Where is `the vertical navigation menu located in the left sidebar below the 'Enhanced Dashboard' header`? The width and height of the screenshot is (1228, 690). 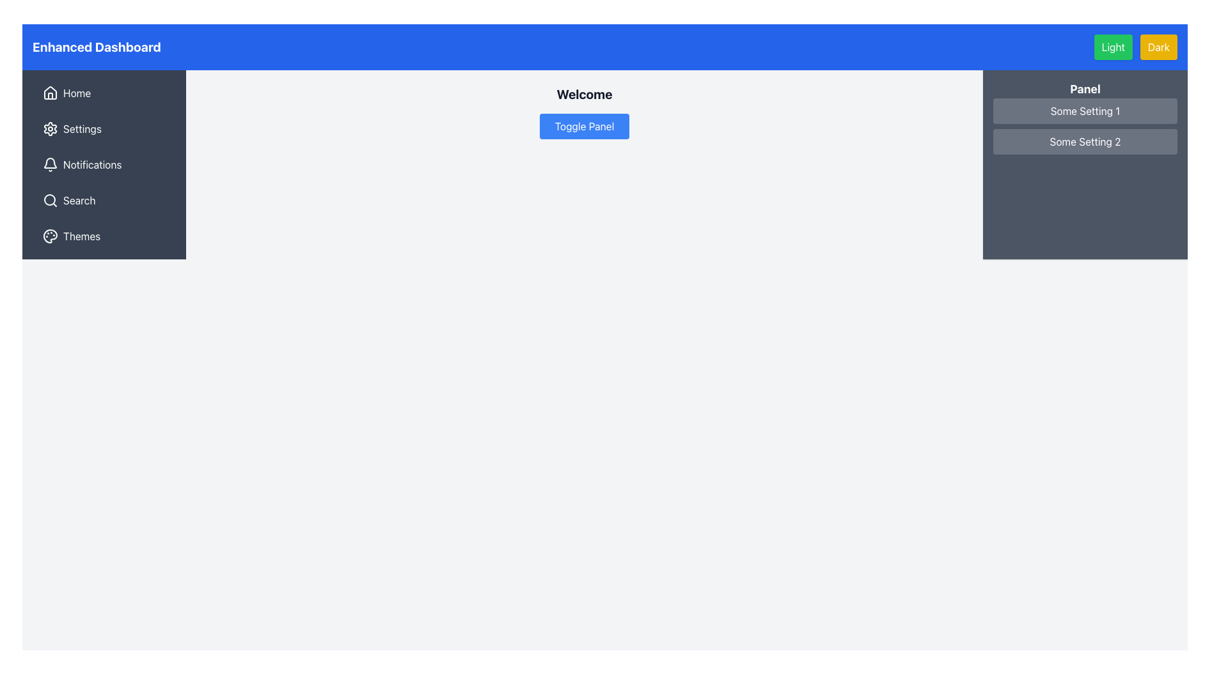
the vertical navigation menu located in the left sidebar below the 'Enhanced Dashboard' header is located at coordinates (104, 164).